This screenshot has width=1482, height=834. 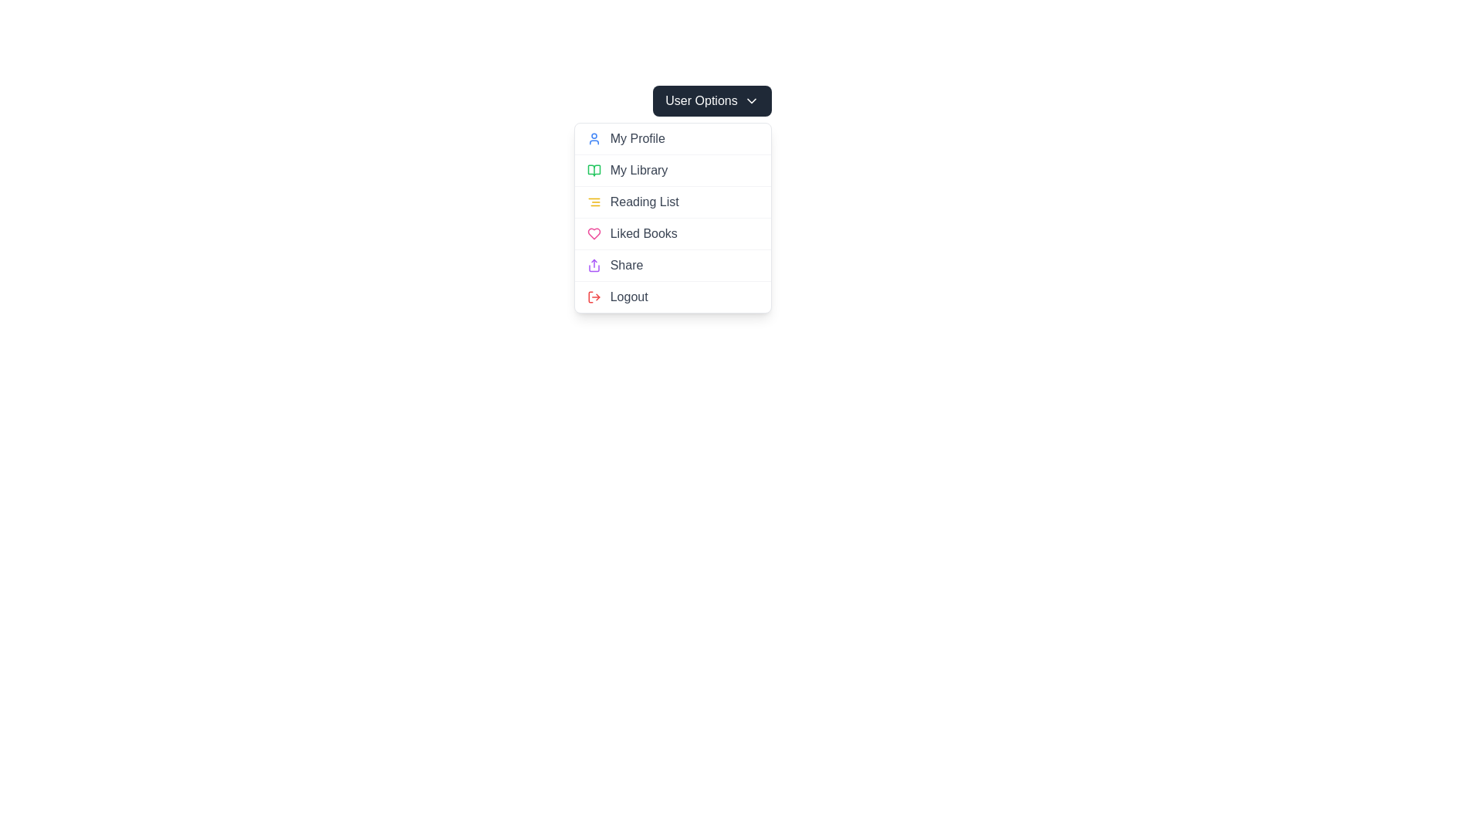 What do you see at coordinates (593, 264) in the screenshot?
I see `the 'Share' icon located to the left of the 'Share' text label in the User Options menu, which serves as a visual cue for the share action` at bounding box center [593, 264].